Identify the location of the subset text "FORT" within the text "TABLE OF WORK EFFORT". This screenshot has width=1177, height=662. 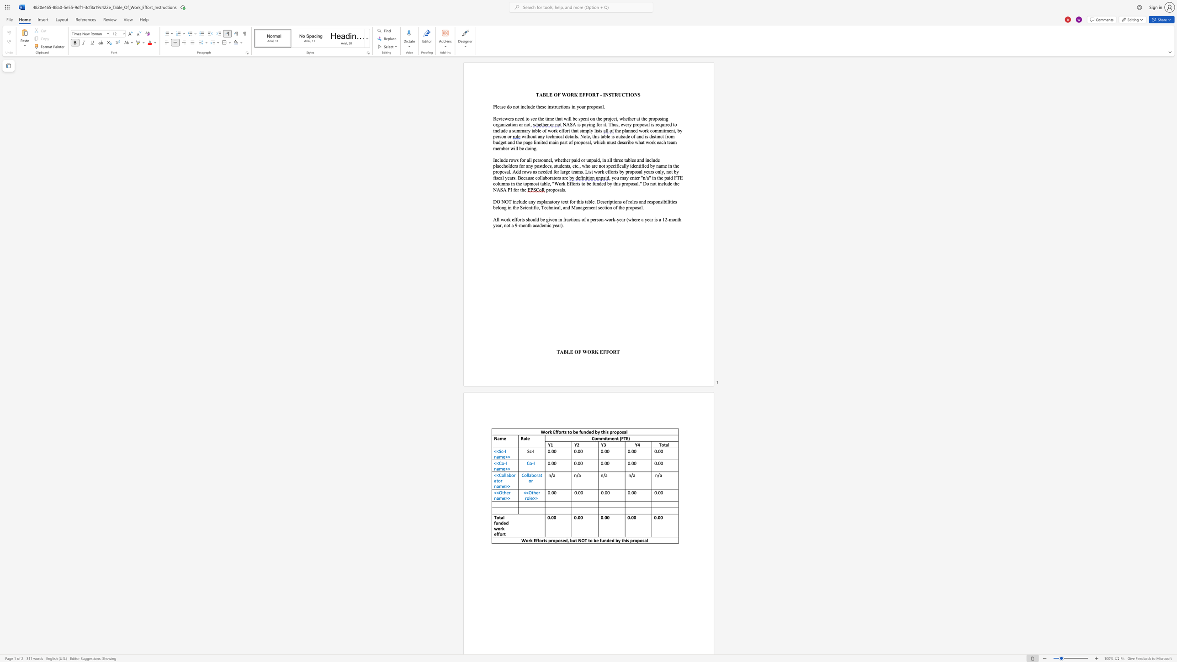
(606, 351).